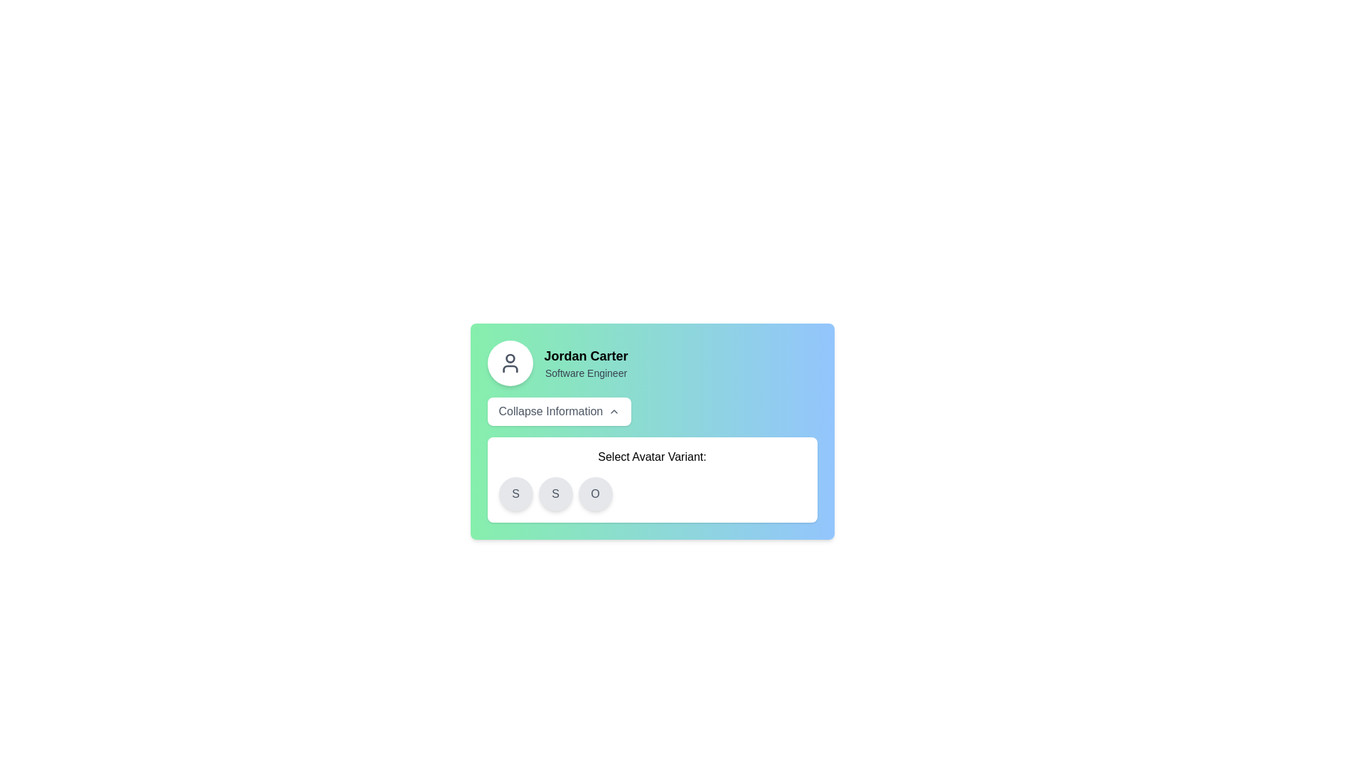 The width and height of the screenshot is (1365, 768). Describe the element at coordinates (586, 372) in the screenshot. I see `text label that provides additional information about the person's role or title, located below 'Jordan Carter' in the card-like layout` at that location.